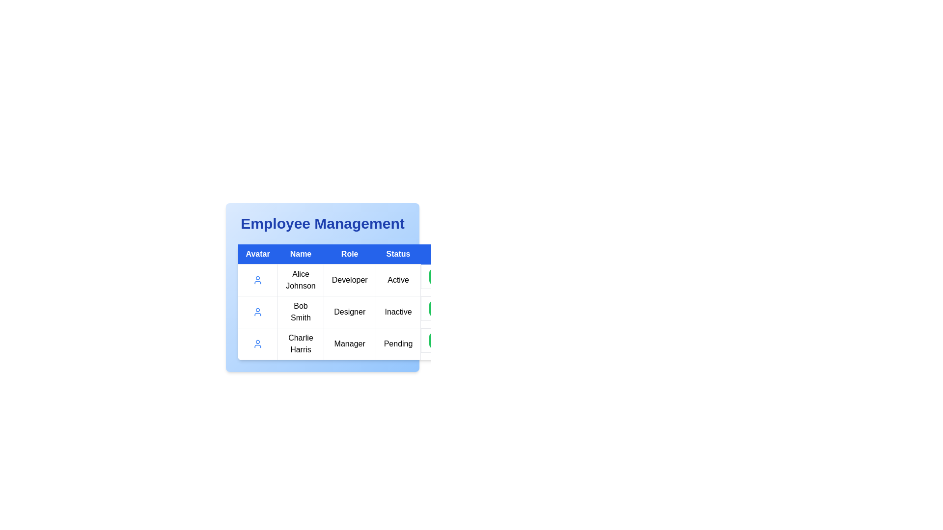  I want to click on the group of action buttons in the 'Actions' column of the 'Employee Management' table for 'Alice Johnson', so click(456, 276).